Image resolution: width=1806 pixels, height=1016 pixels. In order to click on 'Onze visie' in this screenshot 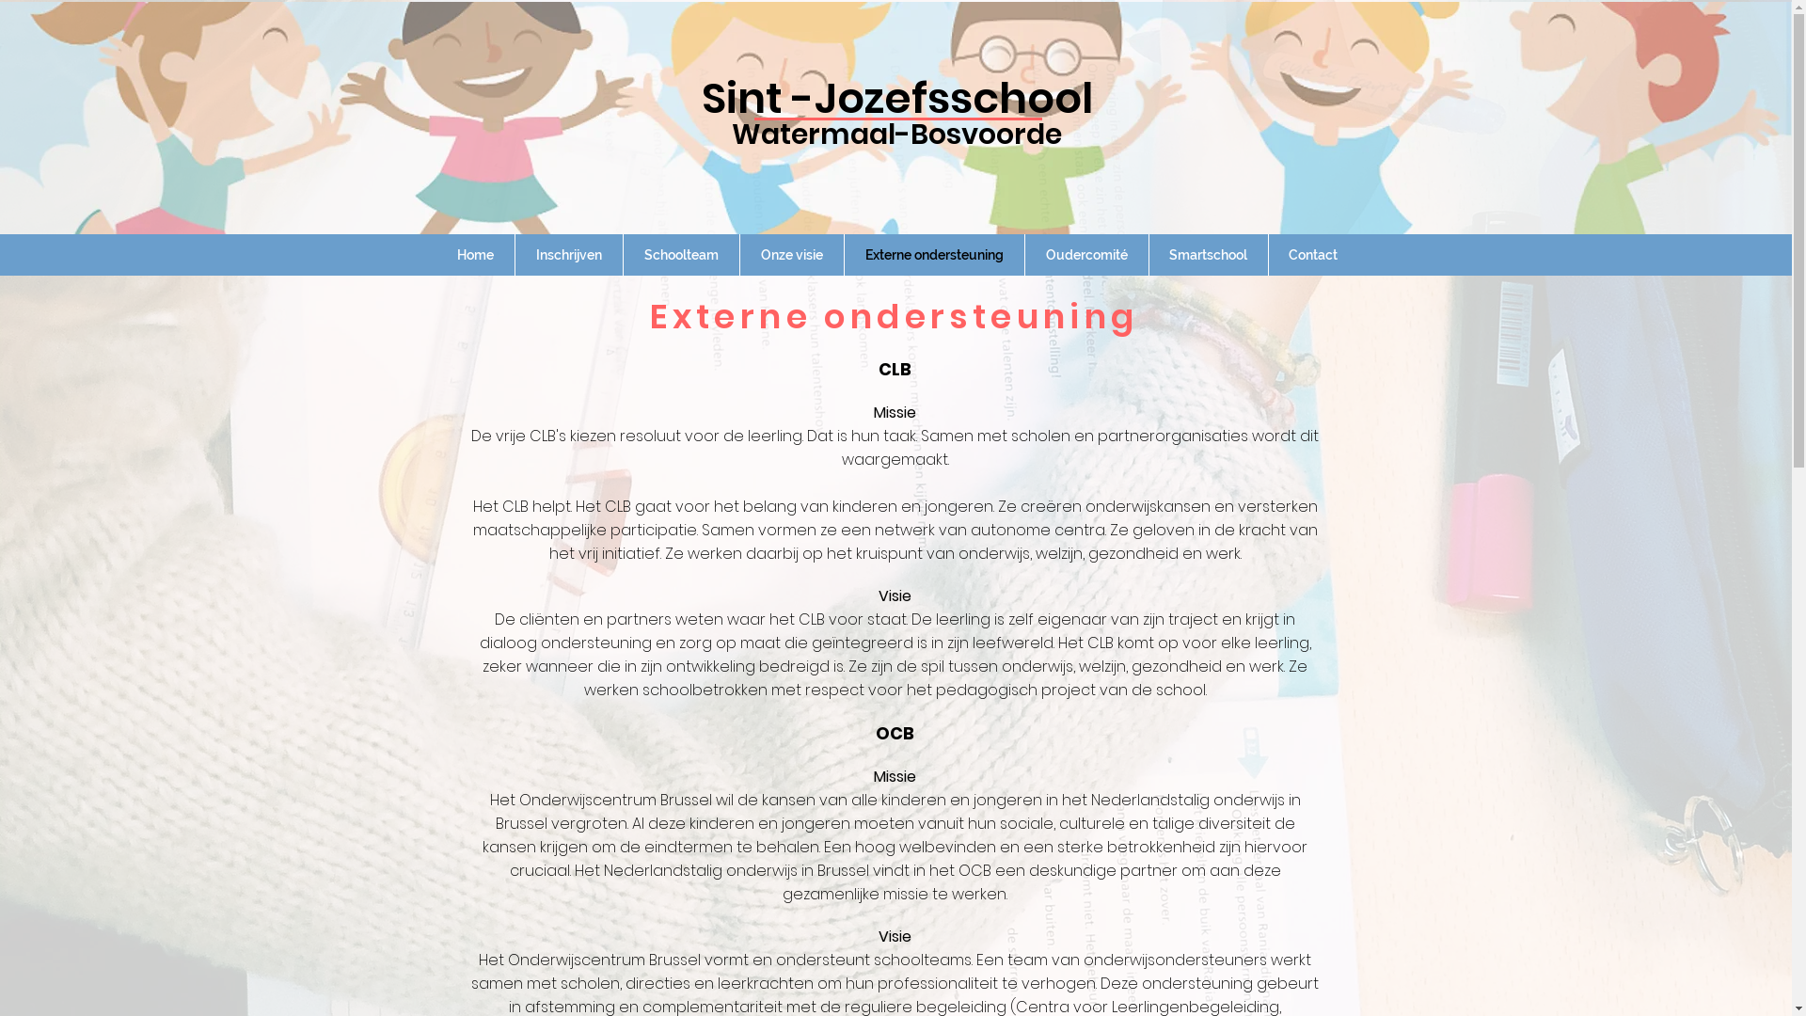, I will do `click(738, 254)`.